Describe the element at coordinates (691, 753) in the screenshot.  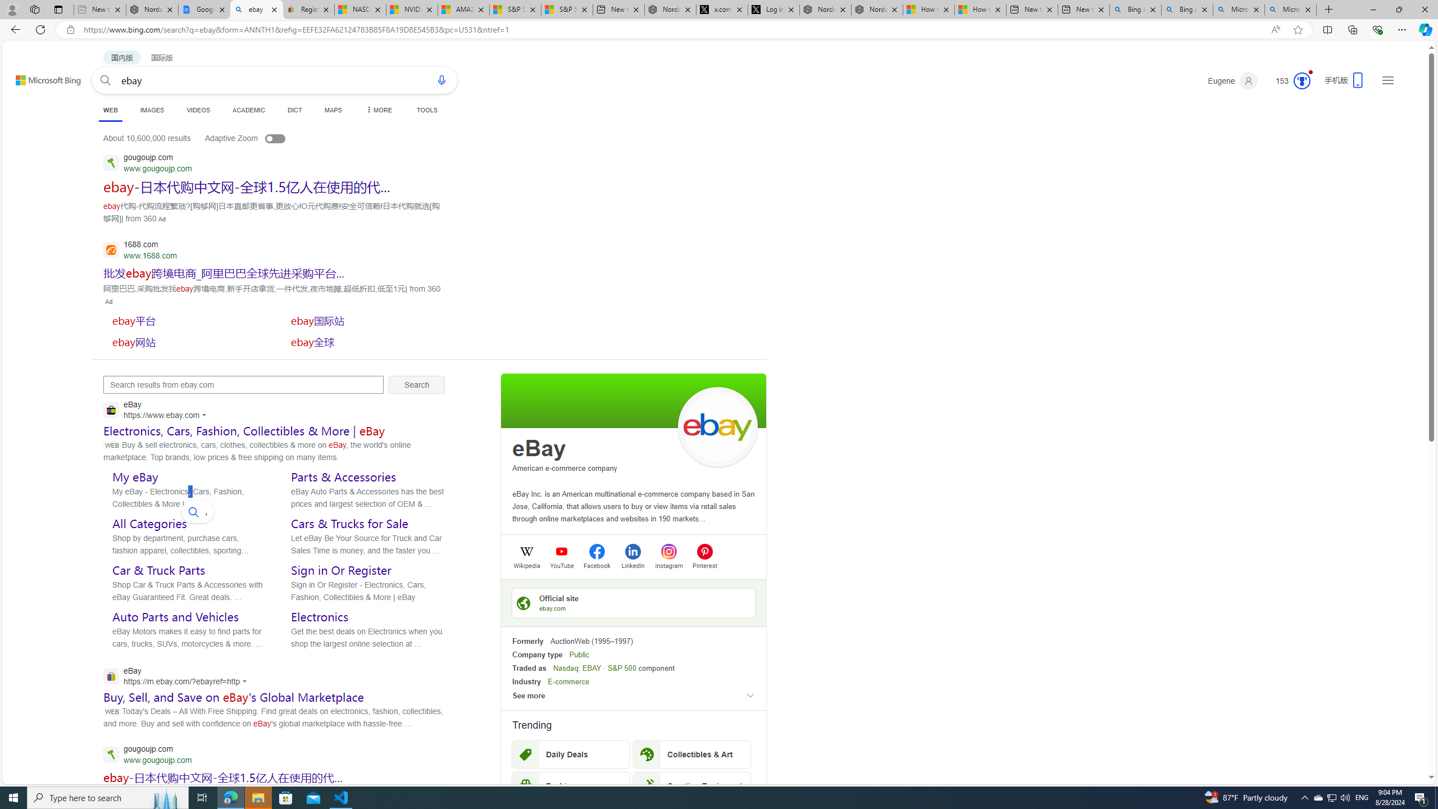
I see `'Collectibles & Art'` at that location.